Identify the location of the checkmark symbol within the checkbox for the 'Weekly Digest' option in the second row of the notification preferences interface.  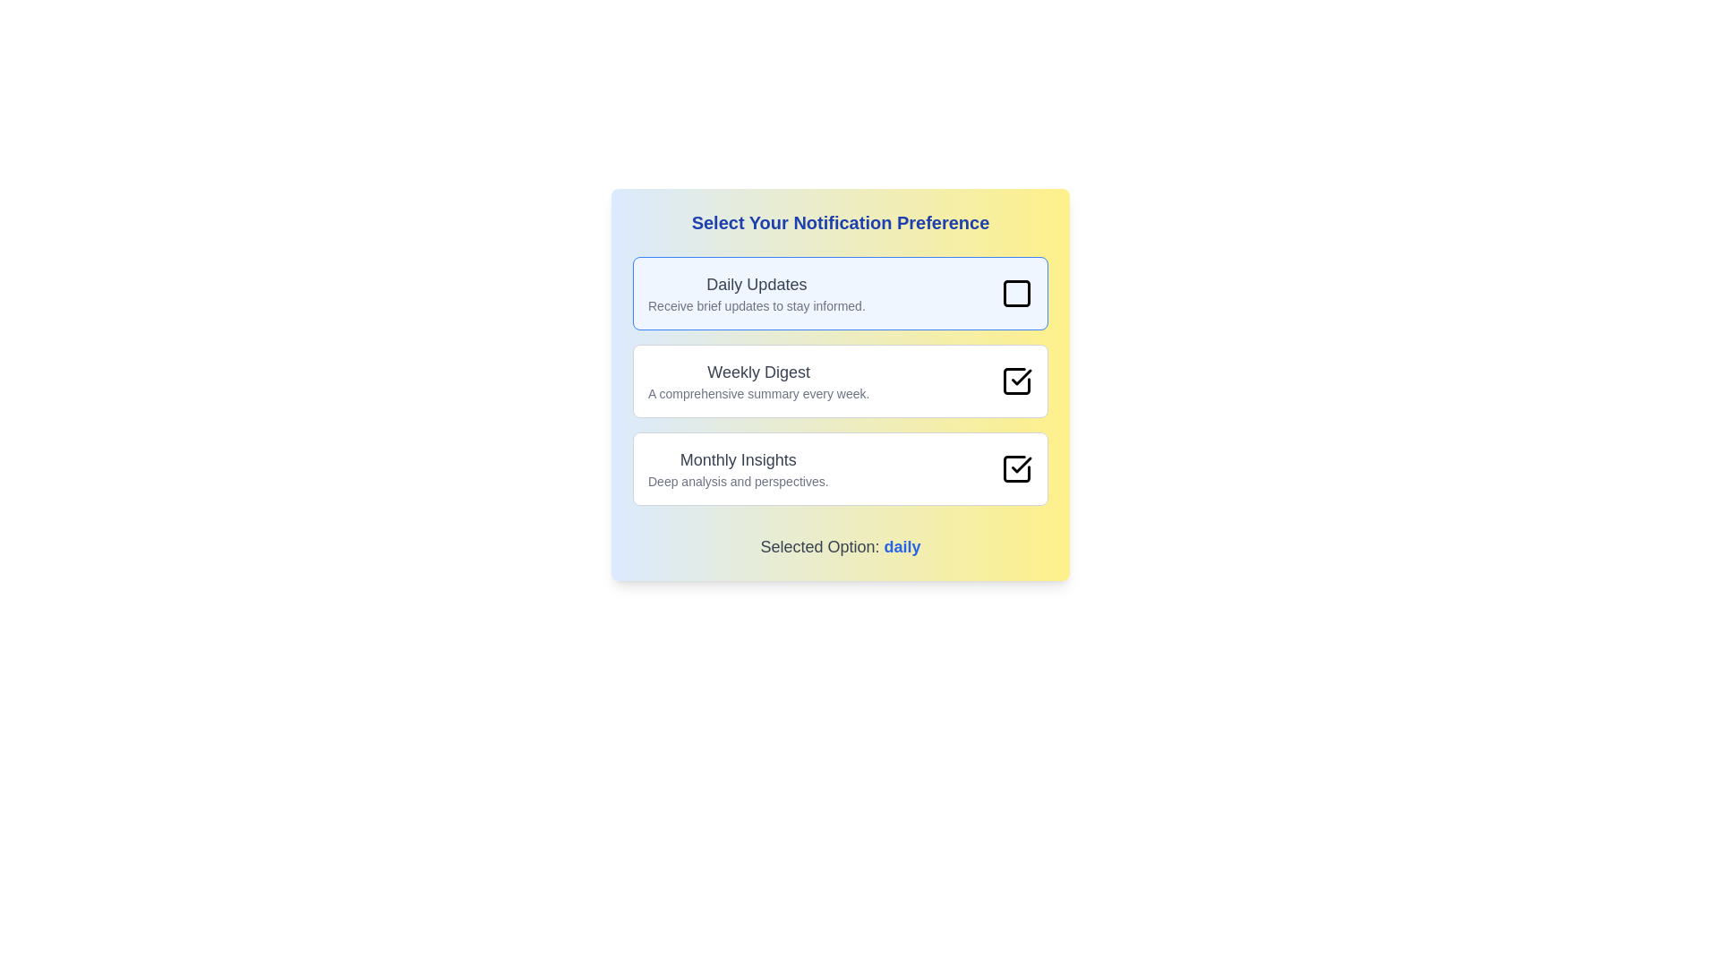
(1022, 376).